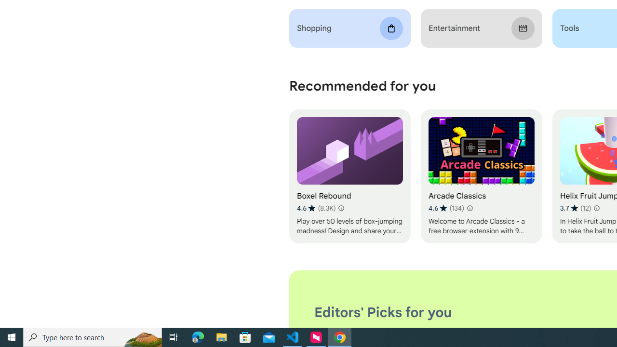  What do you see at coordinates (349, 28) in the screenshot?
I see `'Shopping'` at bounding box center [349, 28].